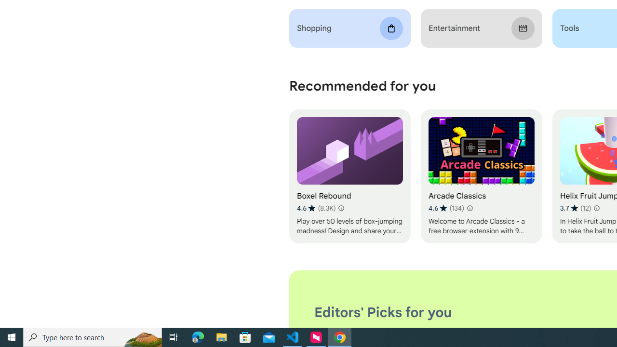  What do you see at coordinates (349, 28) in the screenshot?
I see `'Shopping'` at bounding box center [349, 28].